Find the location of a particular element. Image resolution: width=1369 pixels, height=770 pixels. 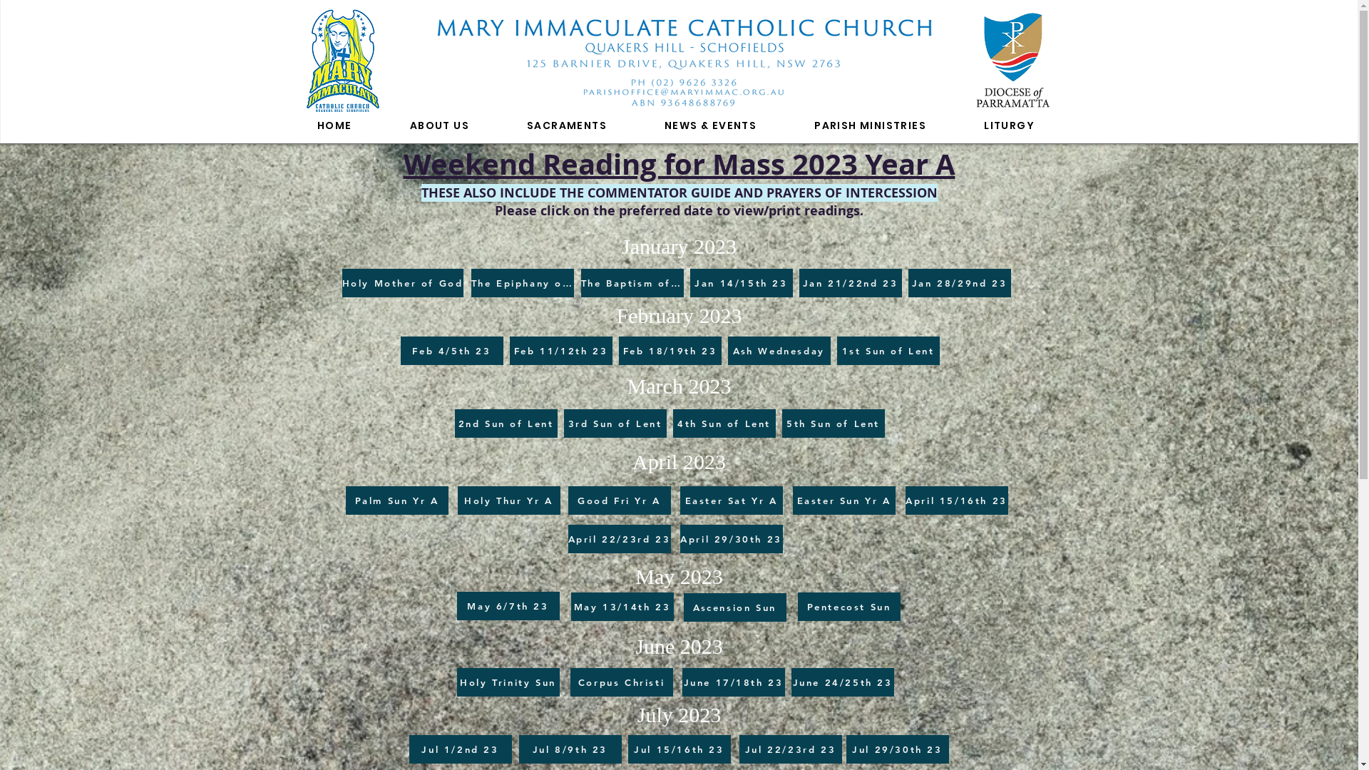

'Mary Immaculate Parish' is located at coordinates (342, 59).